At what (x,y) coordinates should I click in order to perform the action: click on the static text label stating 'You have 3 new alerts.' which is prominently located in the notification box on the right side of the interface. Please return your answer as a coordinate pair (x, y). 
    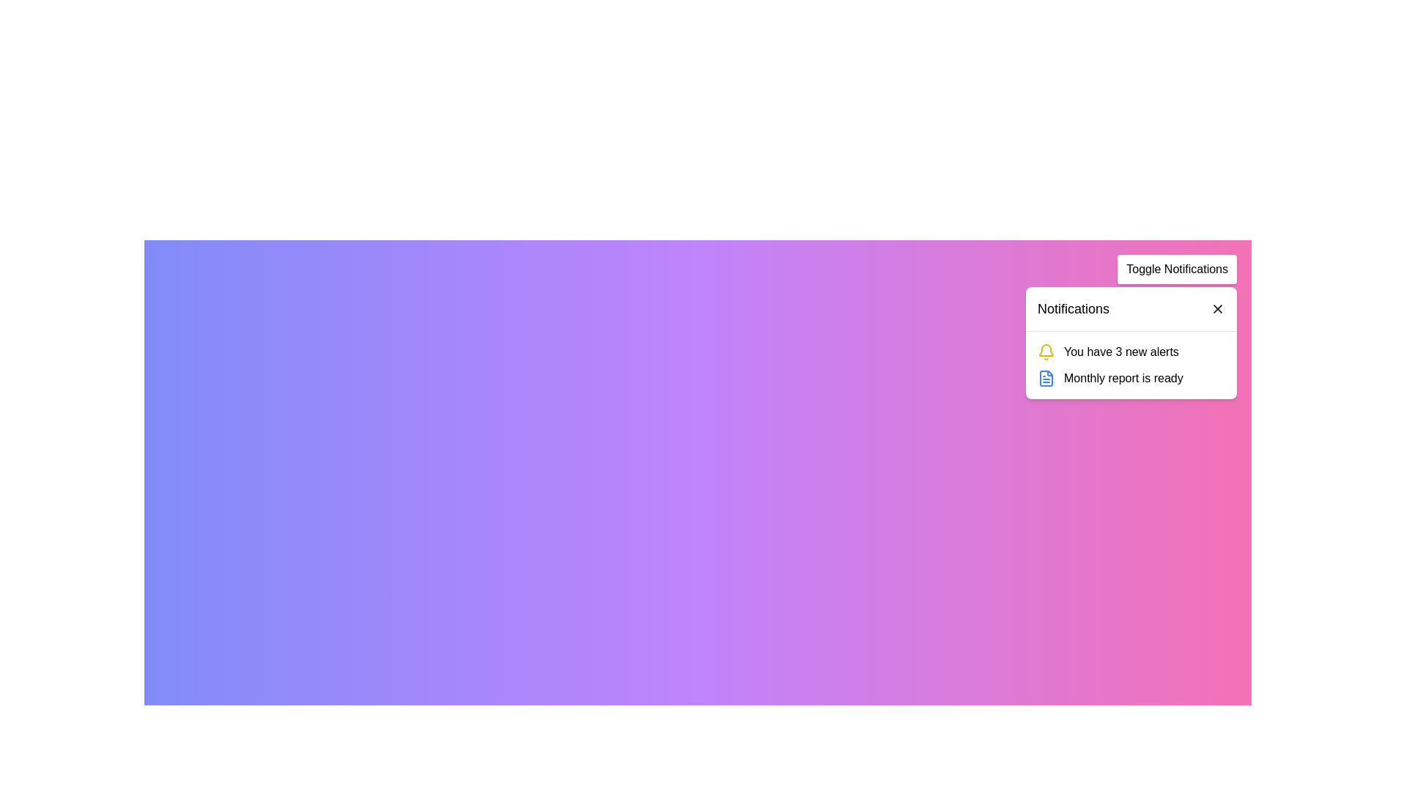
    Looking at the image, I should click on (1120, 352).